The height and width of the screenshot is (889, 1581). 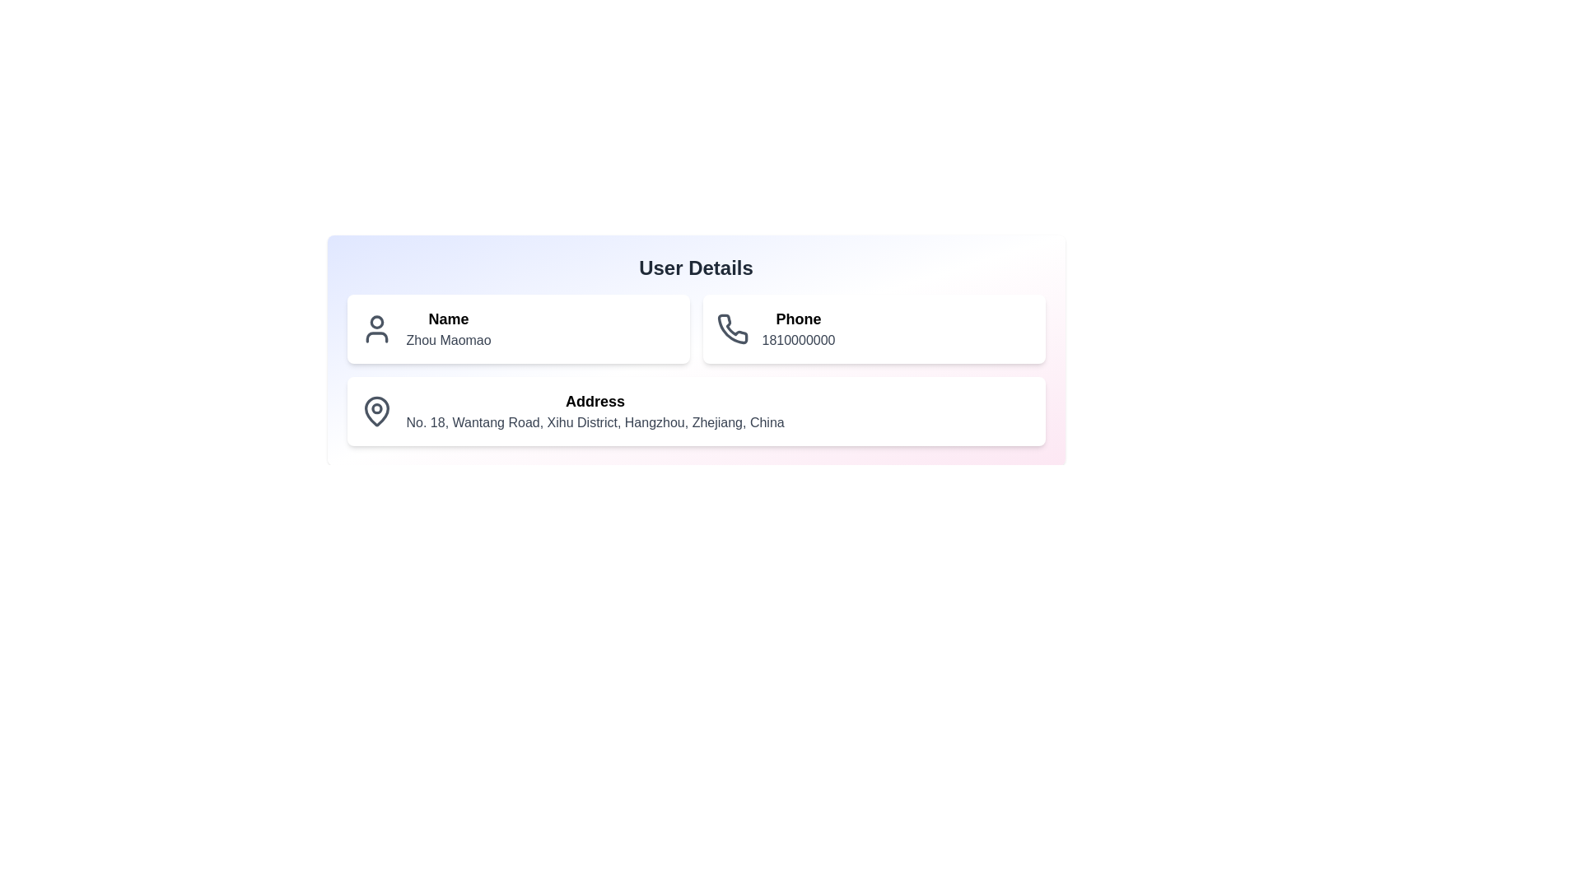 What do you see at coordinates (449, 339) in the screenshot?
I see `the text label displaying 'Zhou Maomao' which is located below the 'Name' label in the personal information section of the user details panel` at bounding box center [449, 339].